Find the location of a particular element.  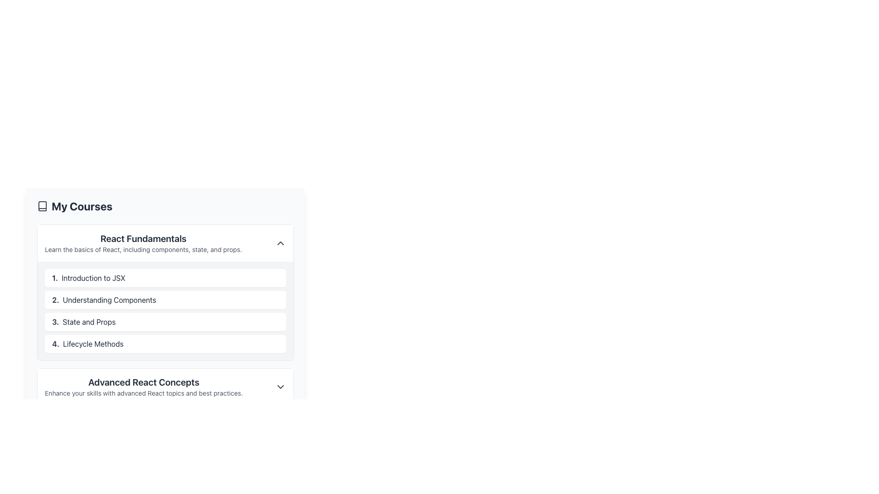

the Chevron Icon located in the bottom-right corner of the 'Advanced React Concepts' section is located at coordinates (280, 387).